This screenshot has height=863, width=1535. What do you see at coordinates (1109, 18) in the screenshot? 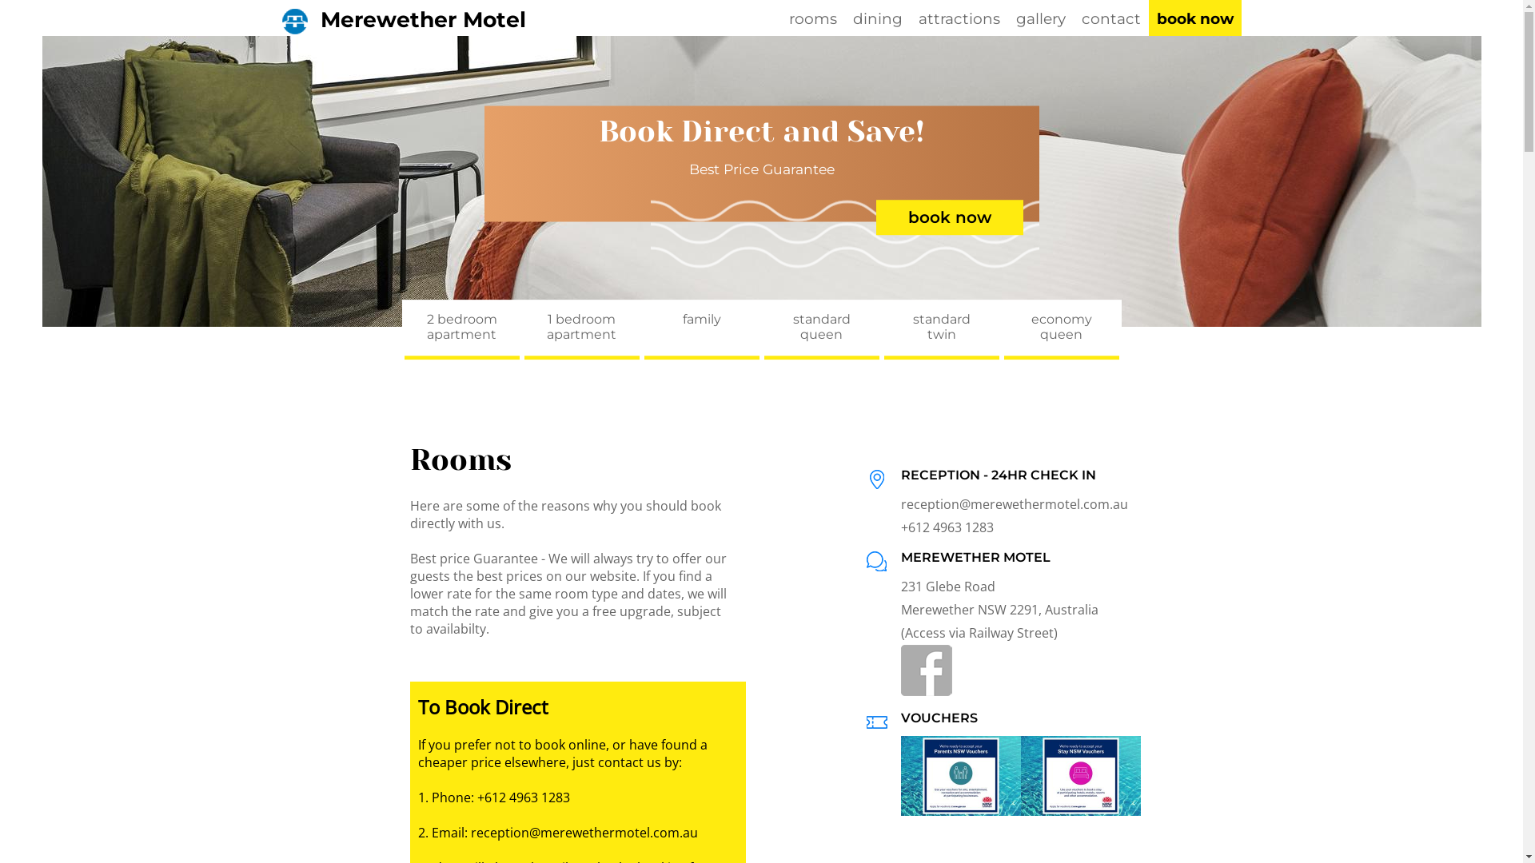
I see `'contact'` at bounding box center [1109, 18].